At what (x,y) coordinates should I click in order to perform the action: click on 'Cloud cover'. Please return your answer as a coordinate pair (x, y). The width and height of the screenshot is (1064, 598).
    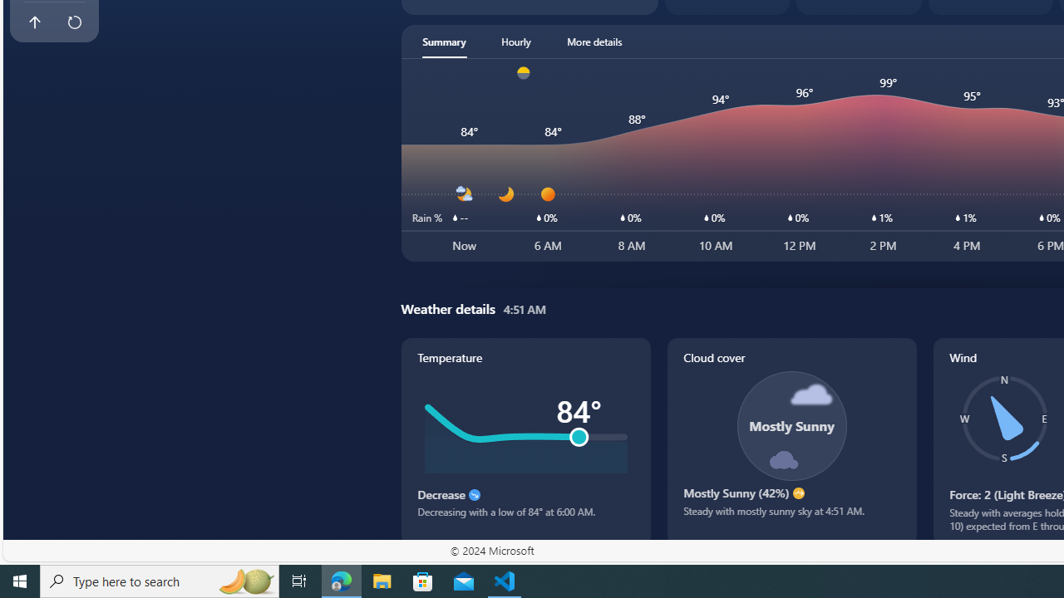
    Looking at the image, I should click on (791, 440).